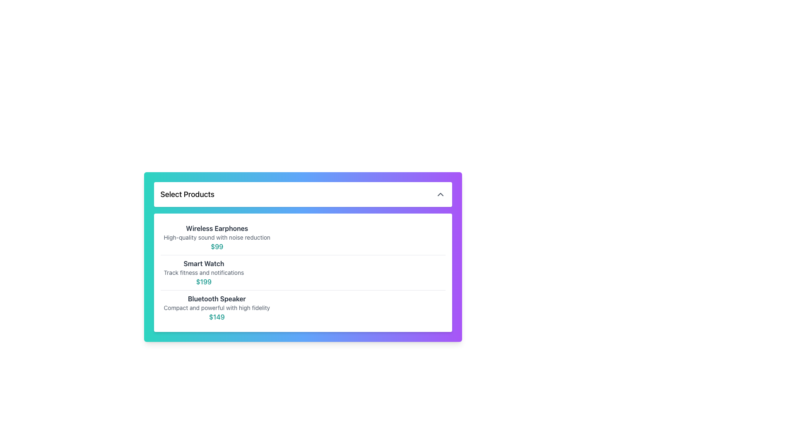 Image resolution: width=795 pixels, height=447 pixels. What do you see at coordinates (204, 273) in the screenshot?
I see `the Text Display element which contains the title 'Smart Watch', subtitle 'Track fitness and notifications', and price '$199'. This element is the second item in the list, positioned below 'Wireless Earphones' and above 'Bluetooth Speaker'` at bounding box center [204, 273].